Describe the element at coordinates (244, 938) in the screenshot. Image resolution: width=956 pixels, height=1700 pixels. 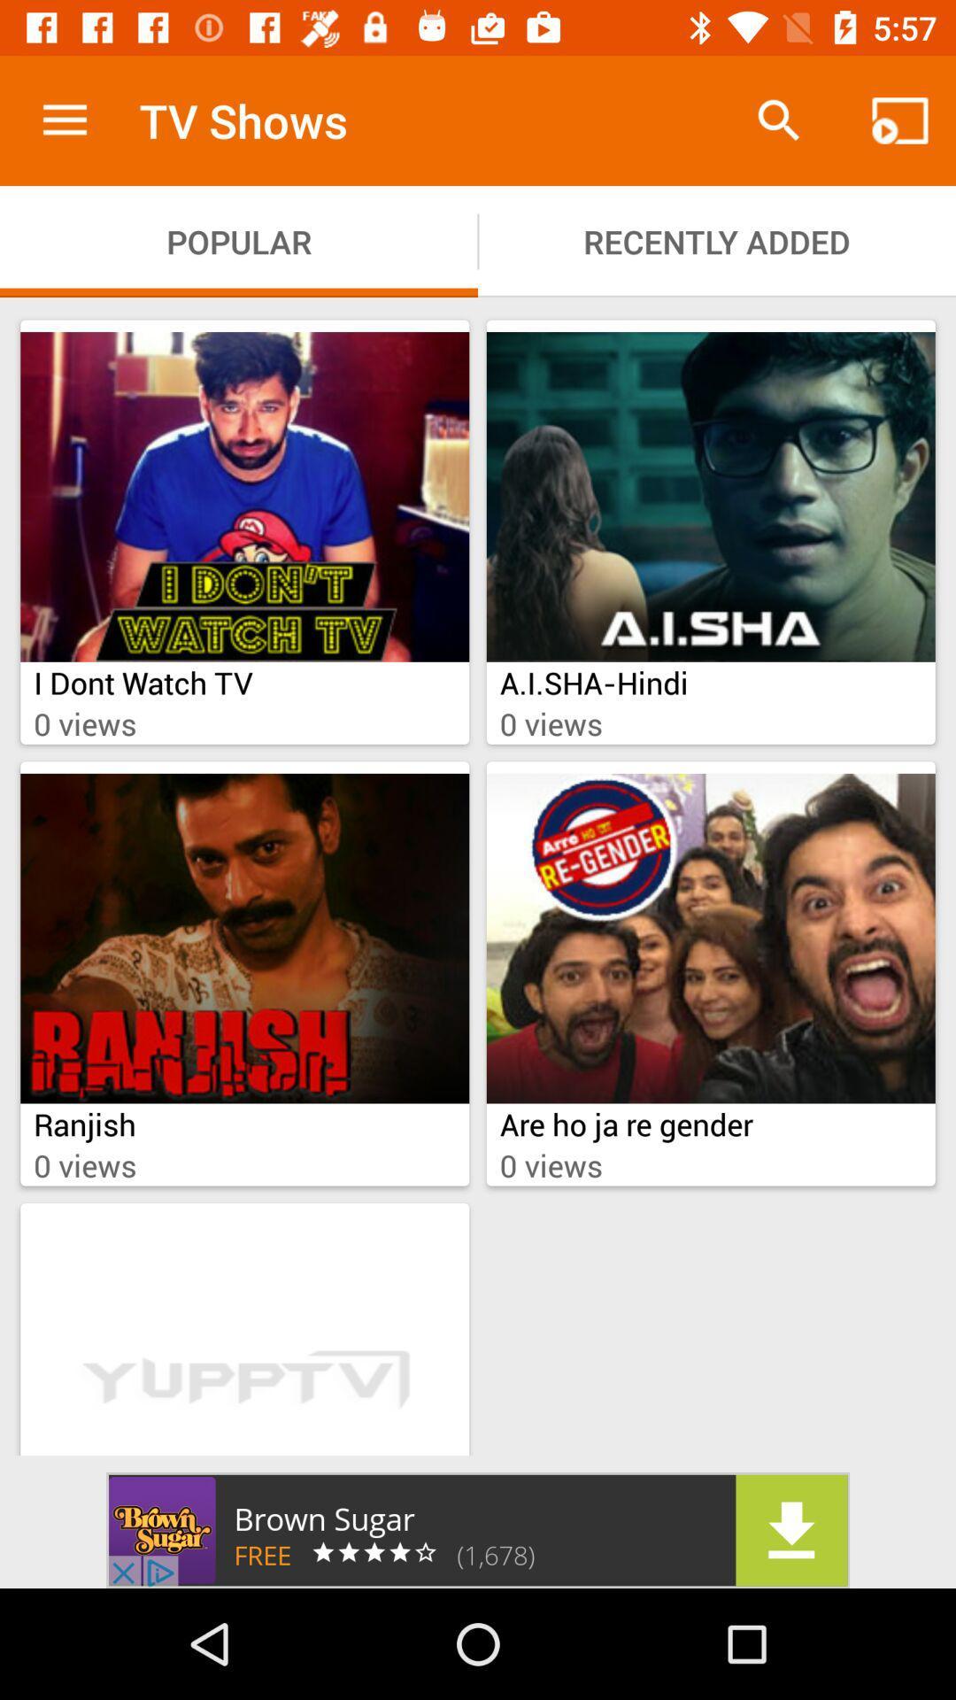
I see `image which is above ranjish on a page` at that location.